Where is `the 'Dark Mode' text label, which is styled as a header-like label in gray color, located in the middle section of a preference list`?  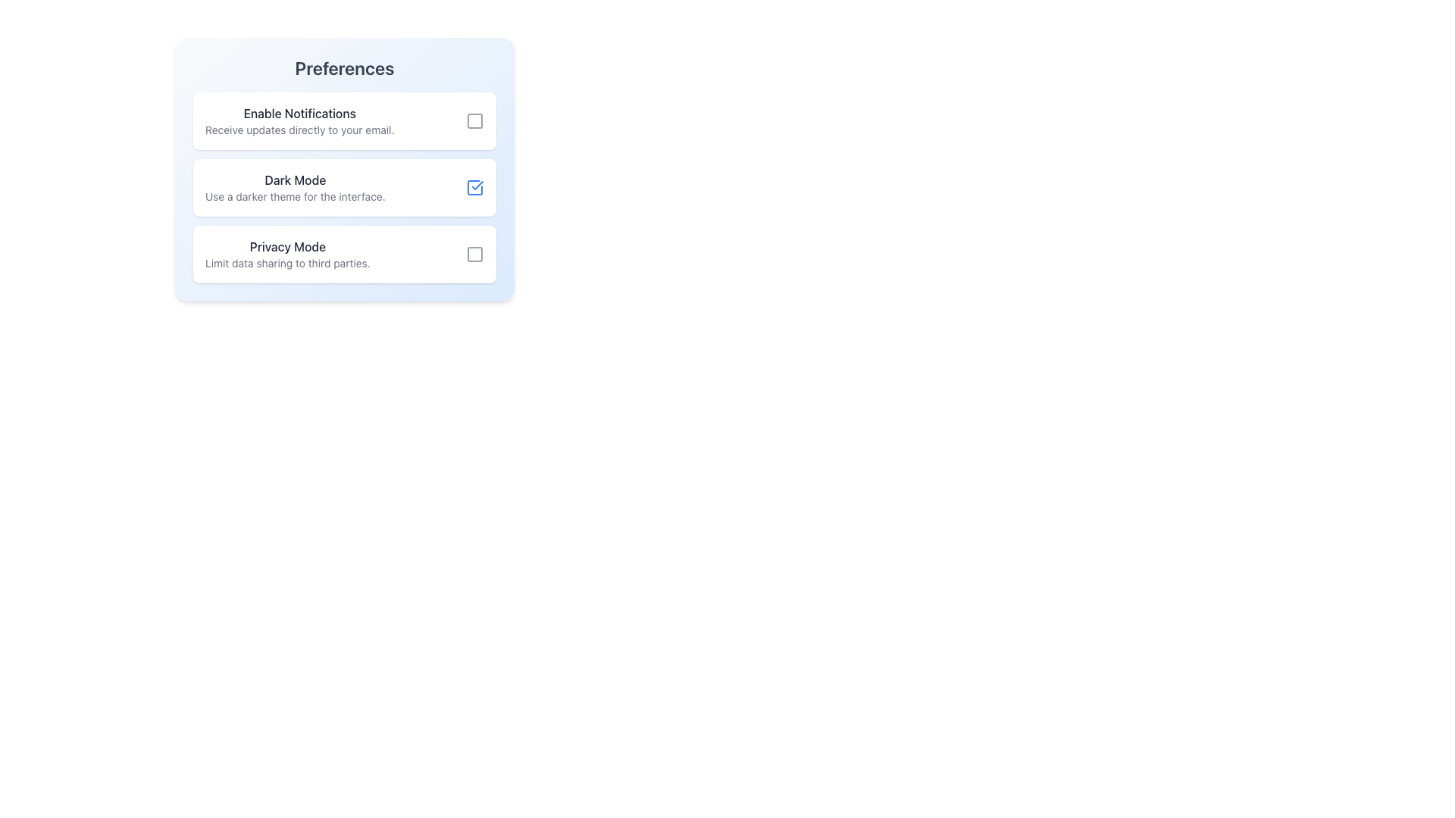
the 'Dark Mode' text label, which is styled as a header-like label in gray color, located in the middle section of a preference list is located at coordinates (295, 180).